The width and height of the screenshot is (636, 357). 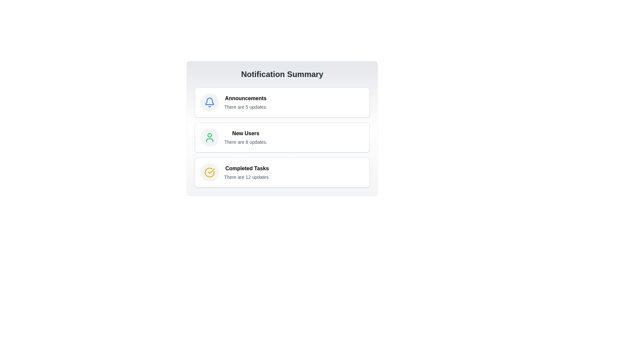 What do you see at coordinates (245, 141) in the screenshot?
I see `the text label that indicates the number of updates related to new users, which is located below the bolded title 'New Users' in the notification summary` at bounding box center [245, 141].